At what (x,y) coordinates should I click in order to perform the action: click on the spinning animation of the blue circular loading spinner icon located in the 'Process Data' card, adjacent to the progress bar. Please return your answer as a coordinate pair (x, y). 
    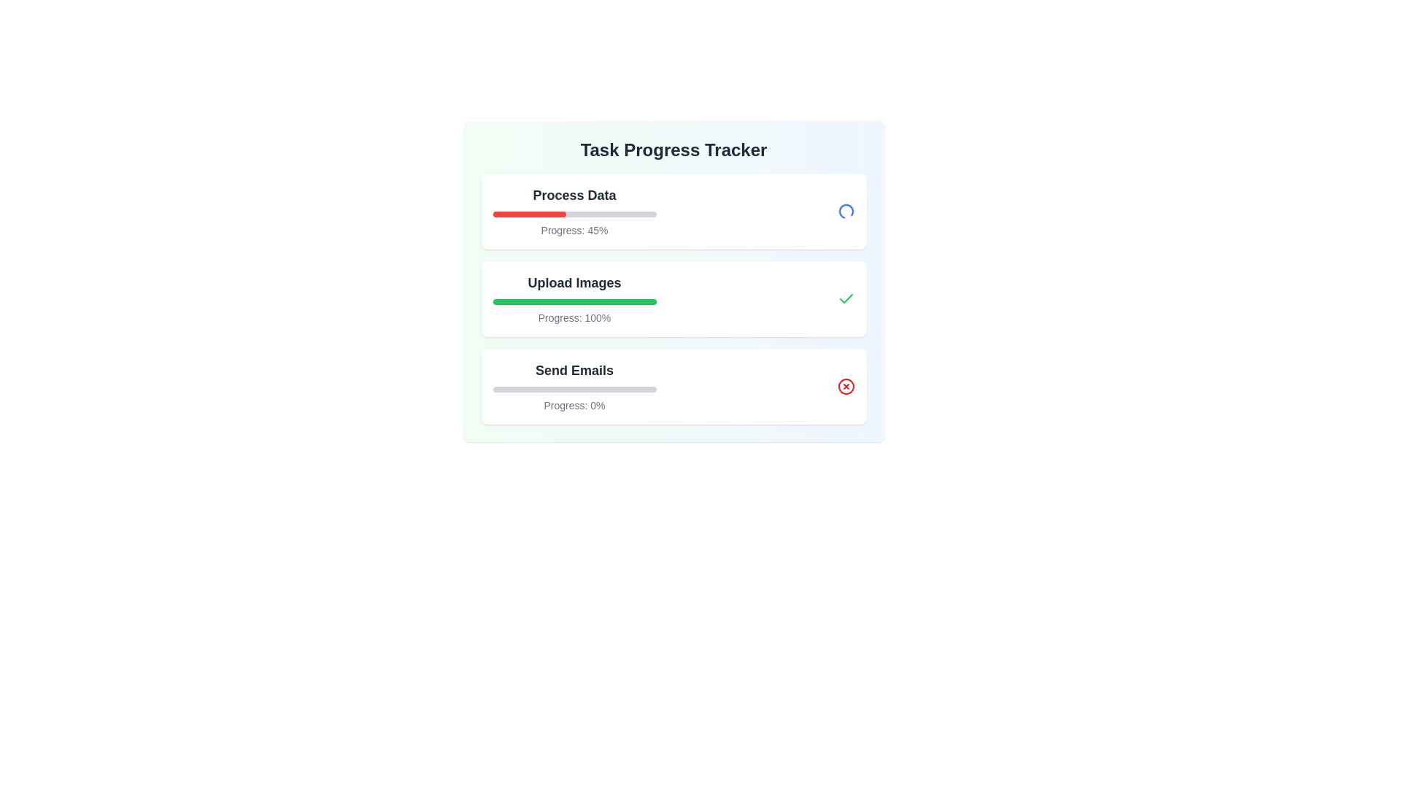
    Looking at the image, I should click on (846, 211).